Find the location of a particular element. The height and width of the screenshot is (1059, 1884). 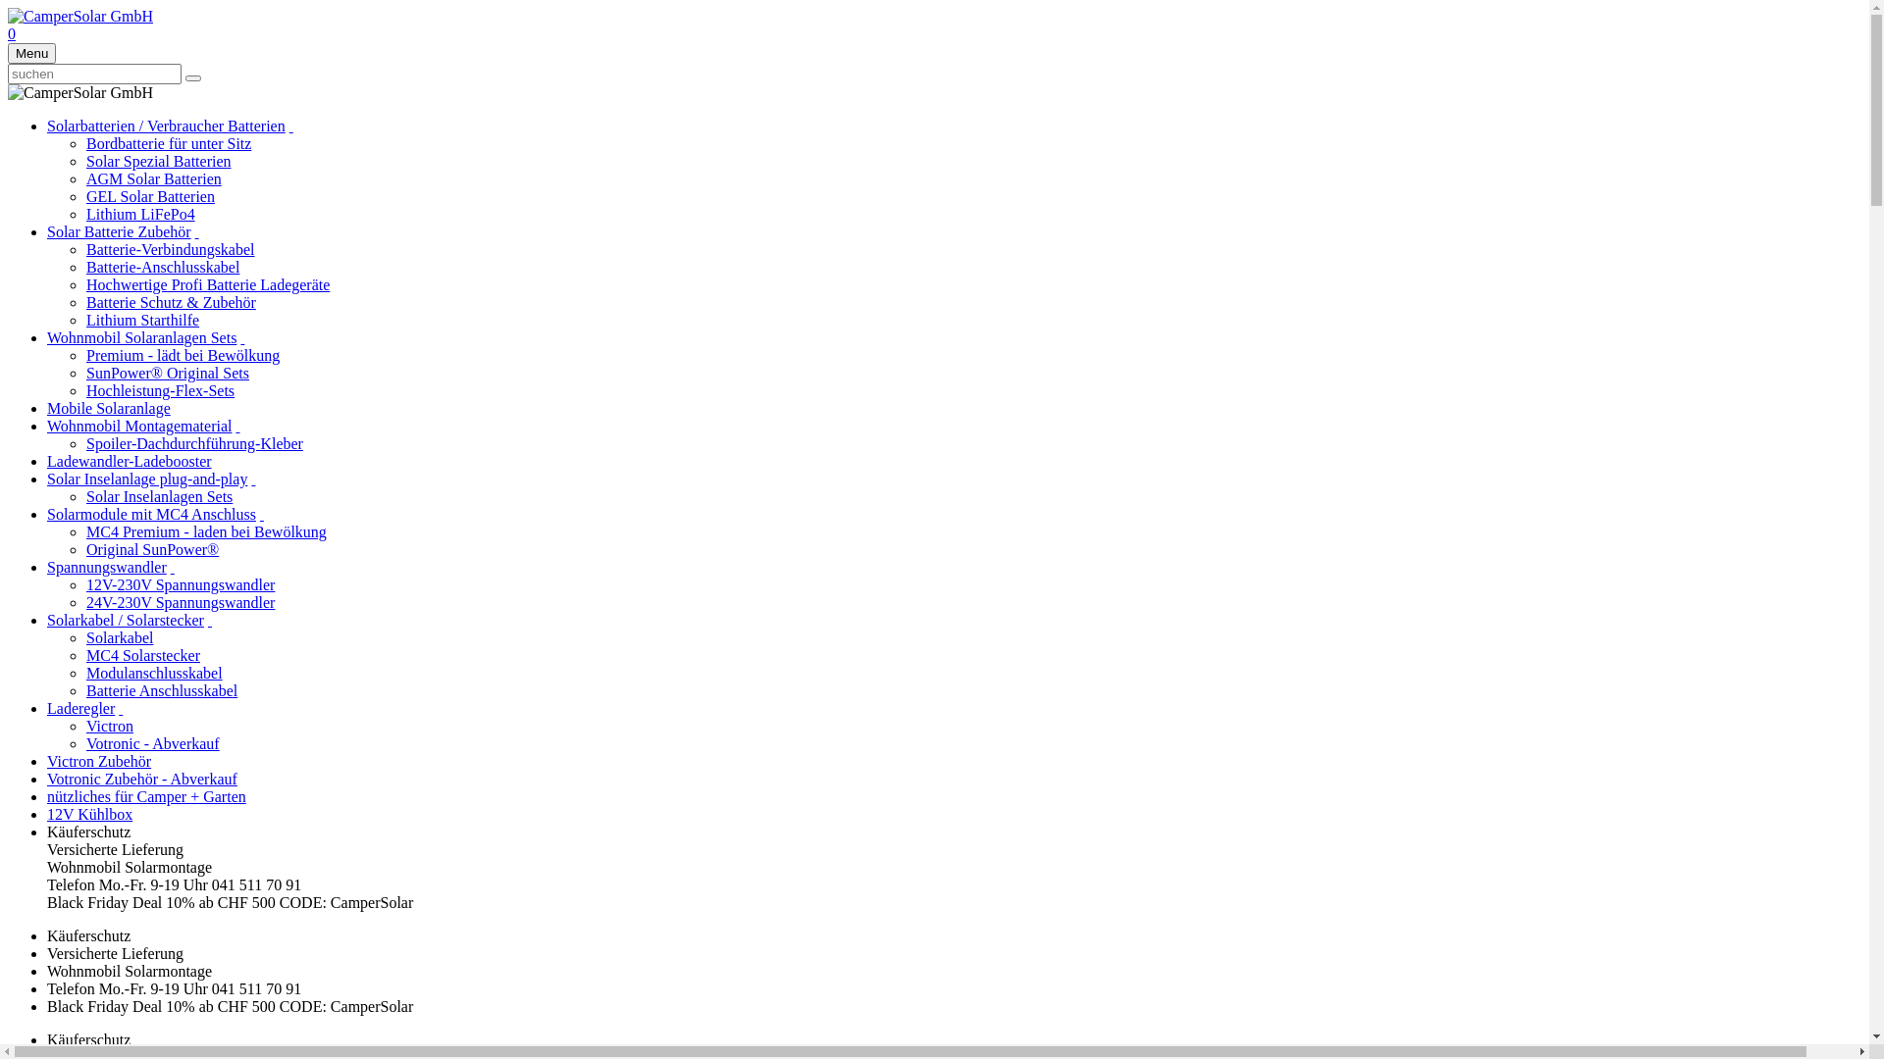

'MC4 Solarstecker' is located at coordinates (141, 655).